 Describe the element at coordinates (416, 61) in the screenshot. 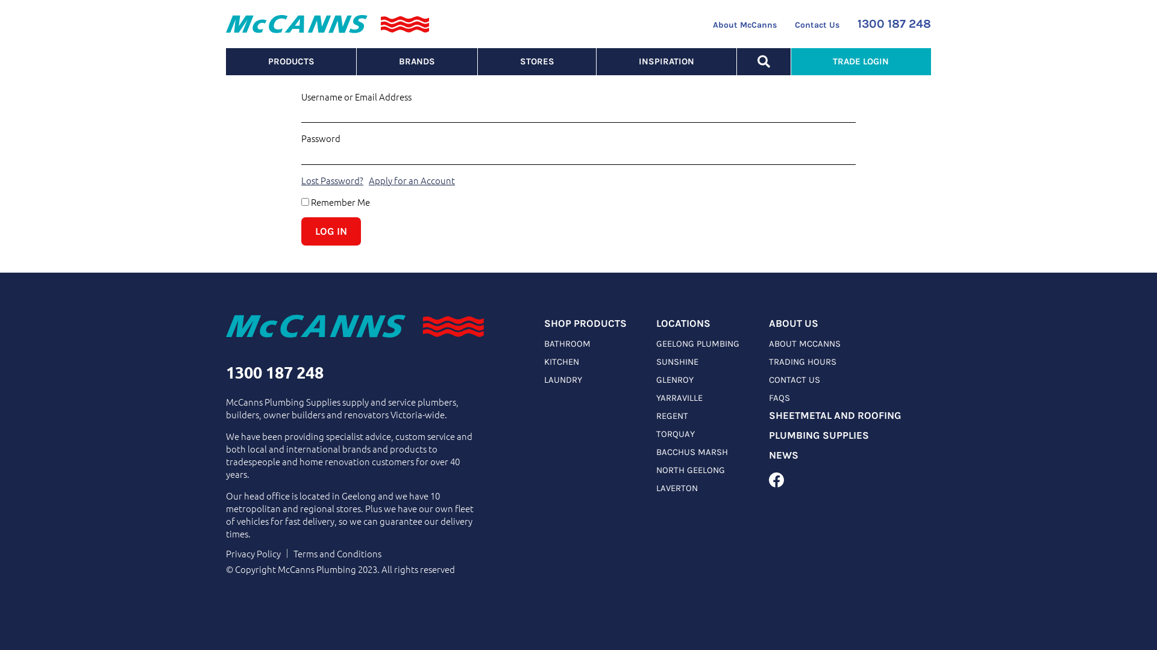

I see `'BRANDS'` at that location.